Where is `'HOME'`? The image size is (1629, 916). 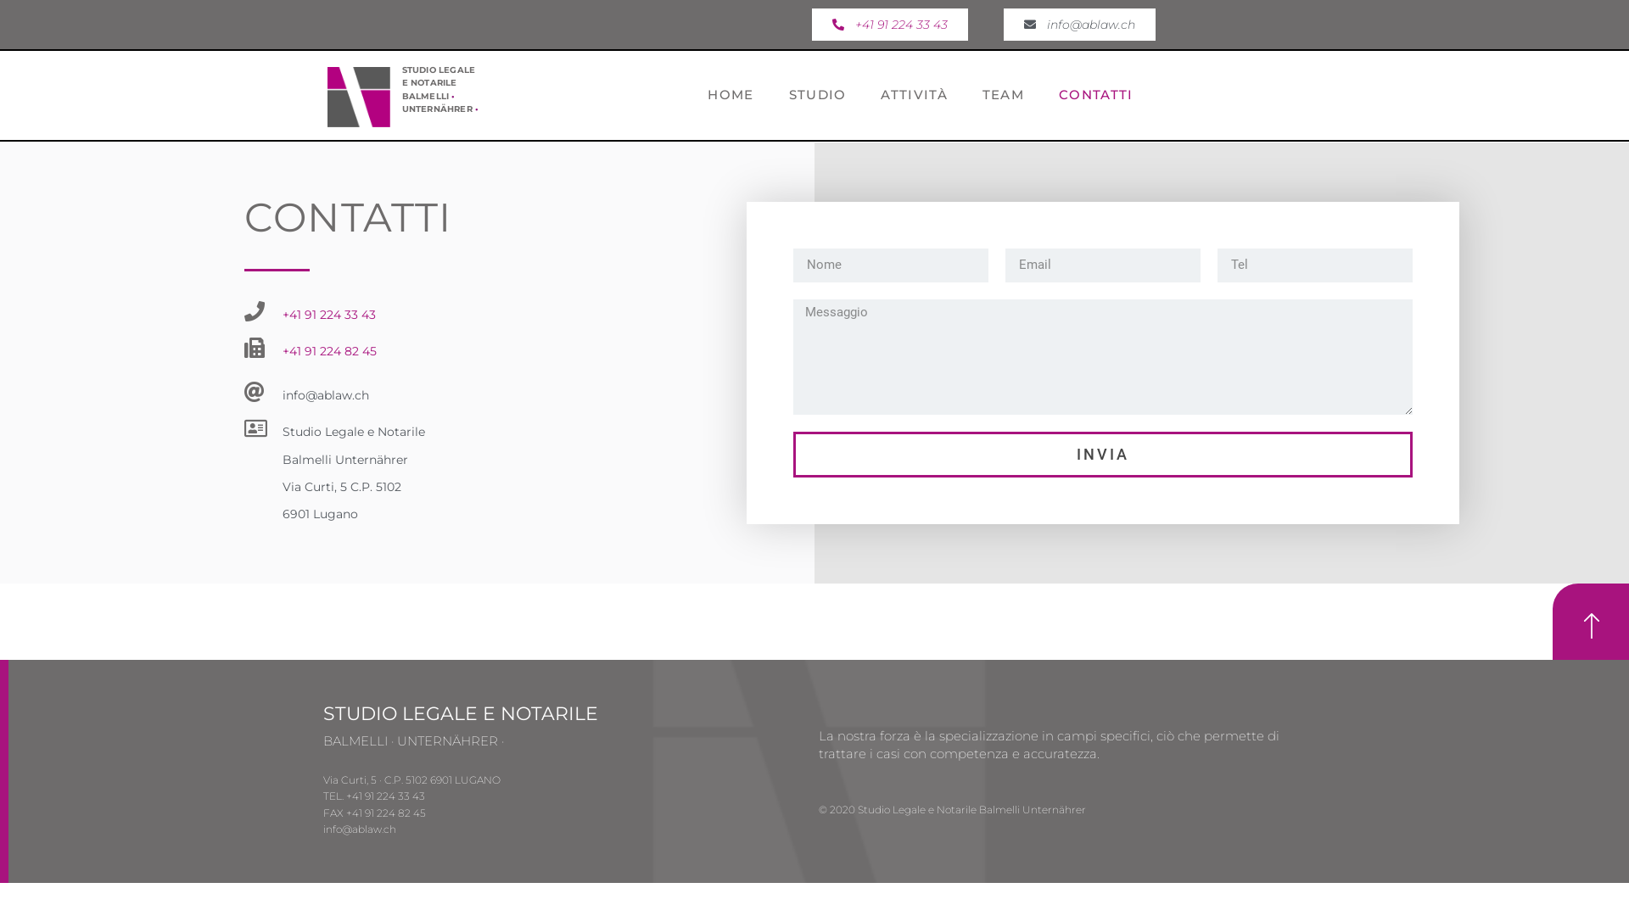
'HOME' is located at coordinates (730, 95).